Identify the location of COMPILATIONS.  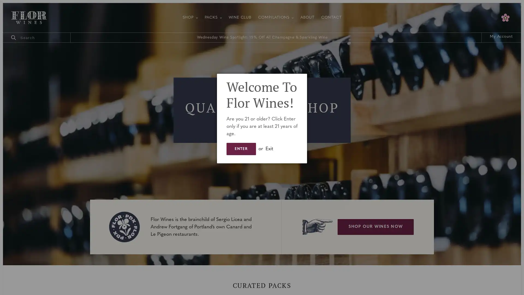
(276, 17).